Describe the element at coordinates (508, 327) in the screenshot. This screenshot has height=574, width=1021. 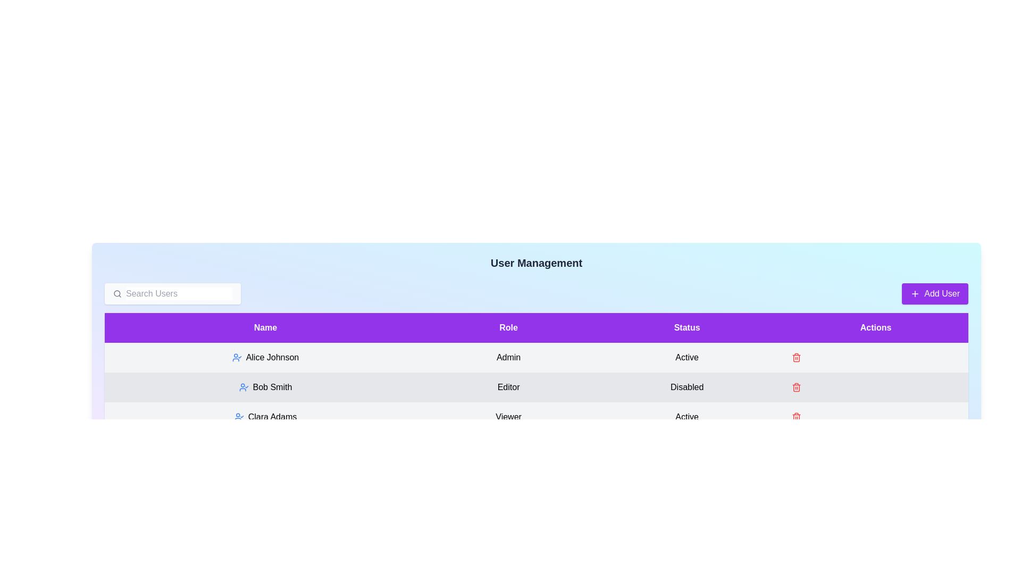
I see `the header Role to sort the table by that column` at that location.